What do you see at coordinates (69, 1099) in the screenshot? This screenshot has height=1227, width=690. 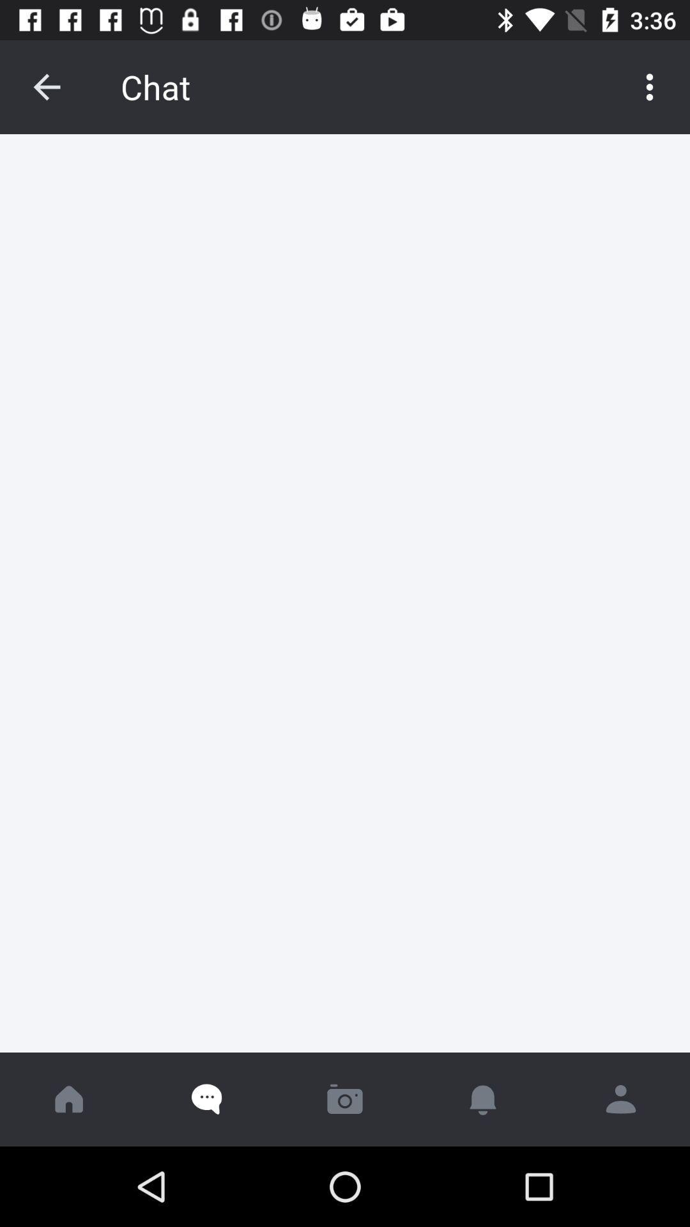 I see `return to home screen` at bounding box center [69, 1099].